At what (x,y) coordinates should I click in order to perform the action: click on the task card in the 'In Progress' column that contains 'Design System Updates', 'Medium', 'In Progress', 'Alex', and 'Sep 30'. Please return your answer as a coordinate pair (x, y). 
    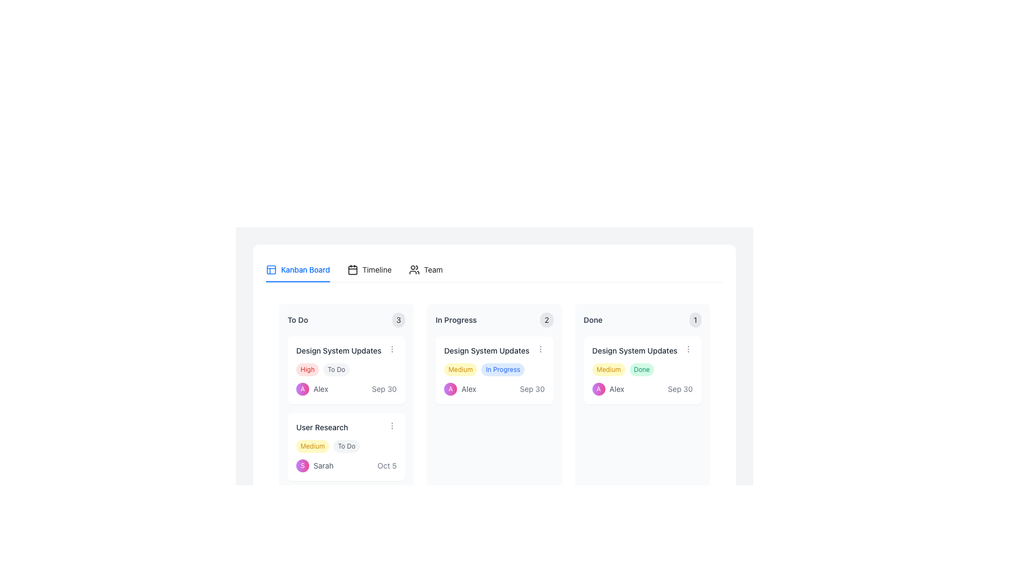
    Looking at the image, I should click on (494, 401).